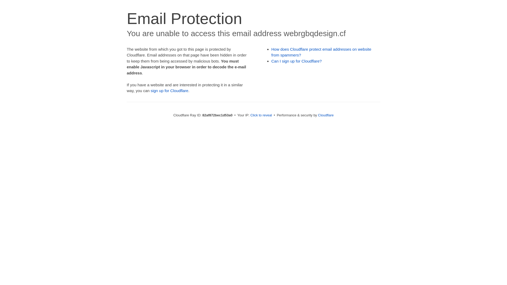 The width and height of the screenshot is (507, 285). Describe the element at coordinates (261, 115) in the screenshot. I see `'Click to reveal'` at that location.